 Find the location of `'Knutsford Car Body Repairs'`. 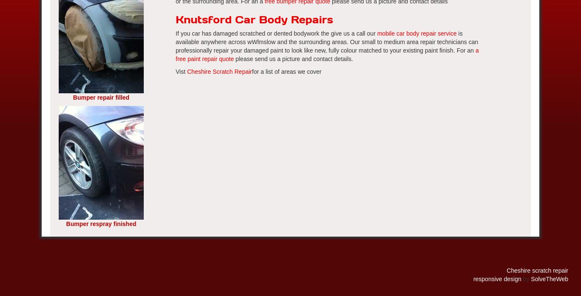

'Knutsford Car Body Repairs' is located at coordinates (254, 19).